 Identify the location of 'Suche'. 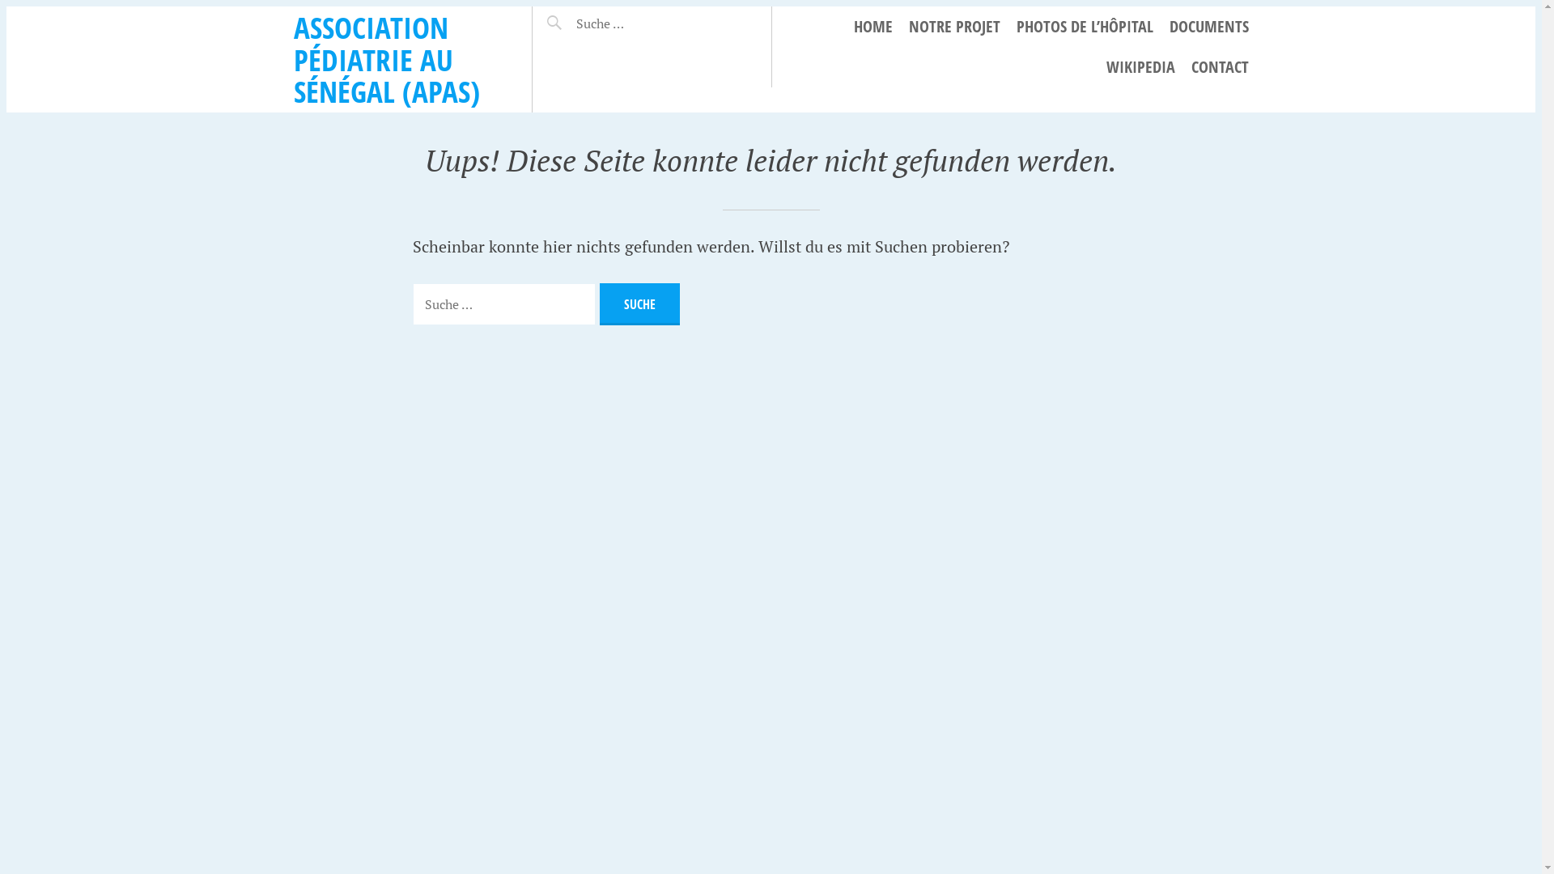
(573, 16).